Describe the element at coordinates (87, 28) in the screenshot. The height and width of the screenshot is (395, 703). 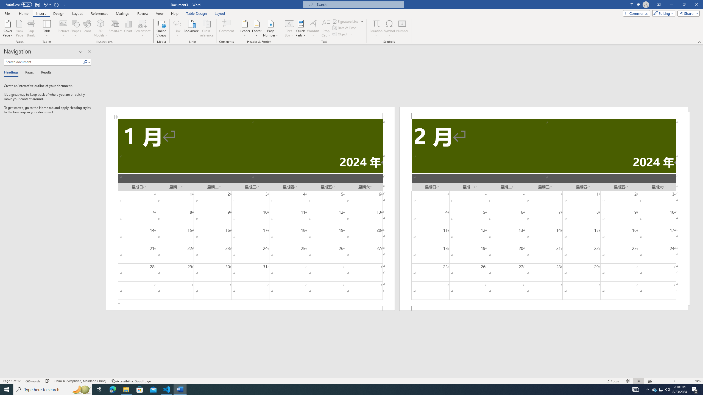
I see `'Icons'` at that location.